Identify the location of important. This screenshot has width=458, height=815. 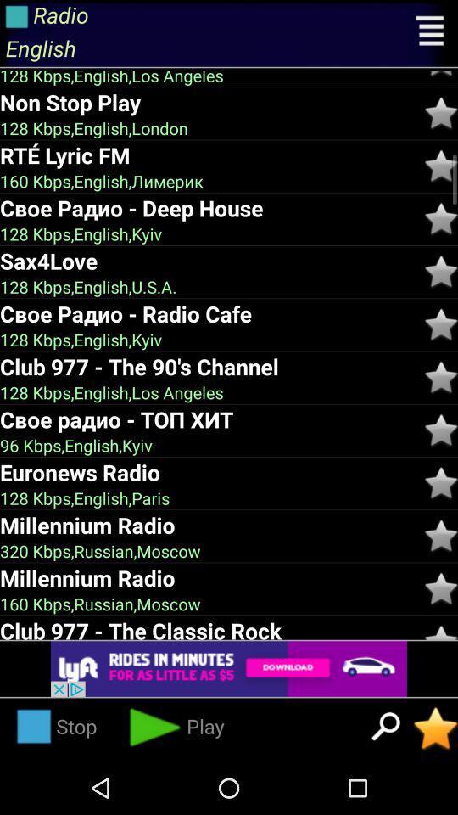
(441, 483).